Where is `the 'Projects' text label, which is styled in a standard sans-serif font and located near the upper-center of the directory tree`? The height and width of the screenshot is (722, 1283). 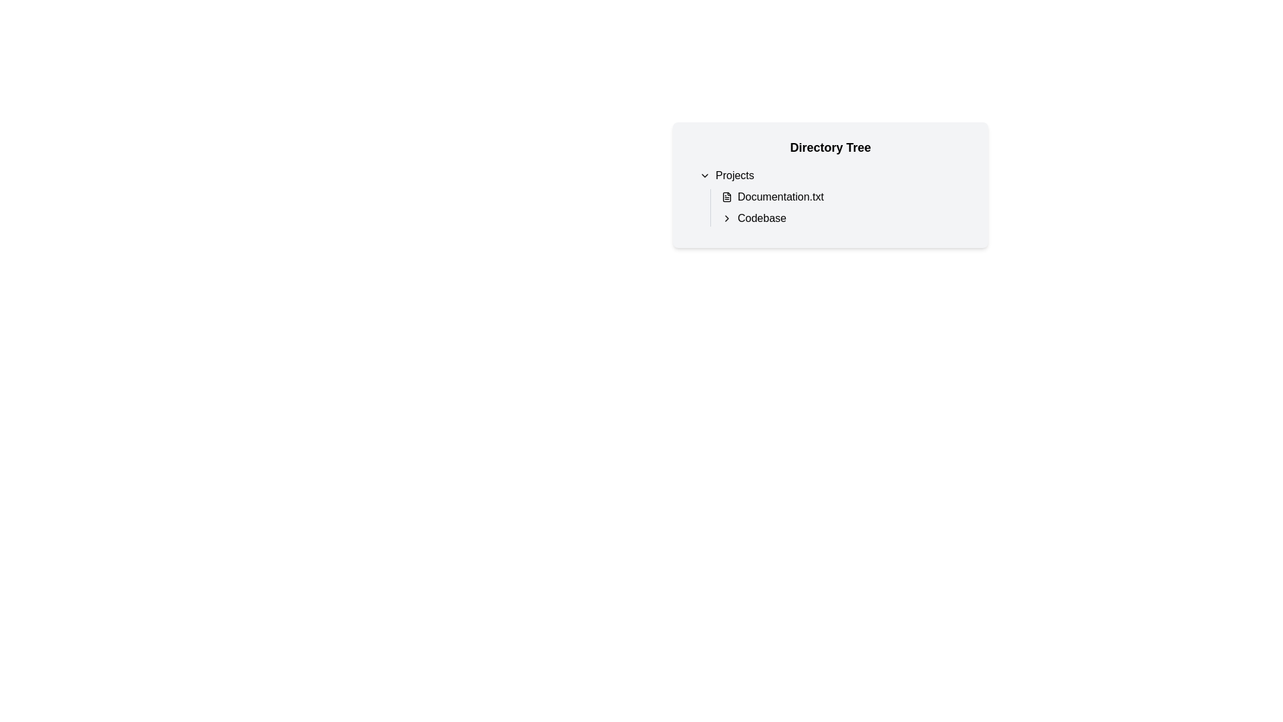 the 'Projects' text label, which is styled in a standard sans-serif font and located near the upper-center of the directory tree is located at coordinates (734, 174).